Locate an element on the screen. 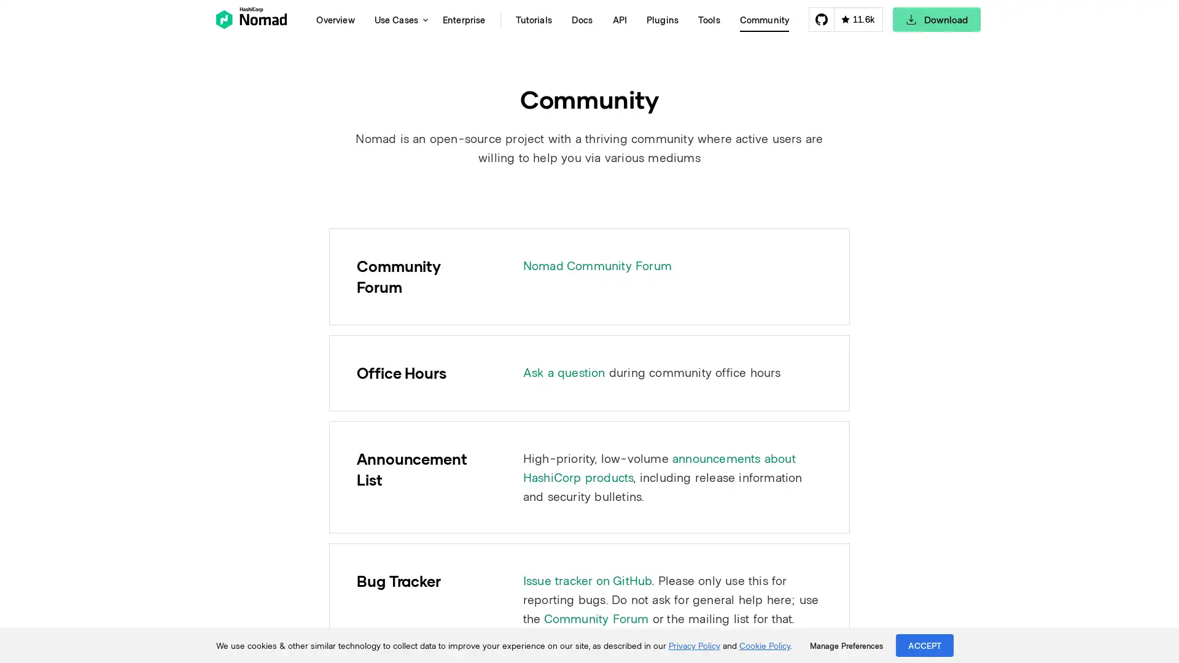 Image resolution: width=1179 pixels, height=663 pixels. ACCEPT is located at coordinates (925, 645).